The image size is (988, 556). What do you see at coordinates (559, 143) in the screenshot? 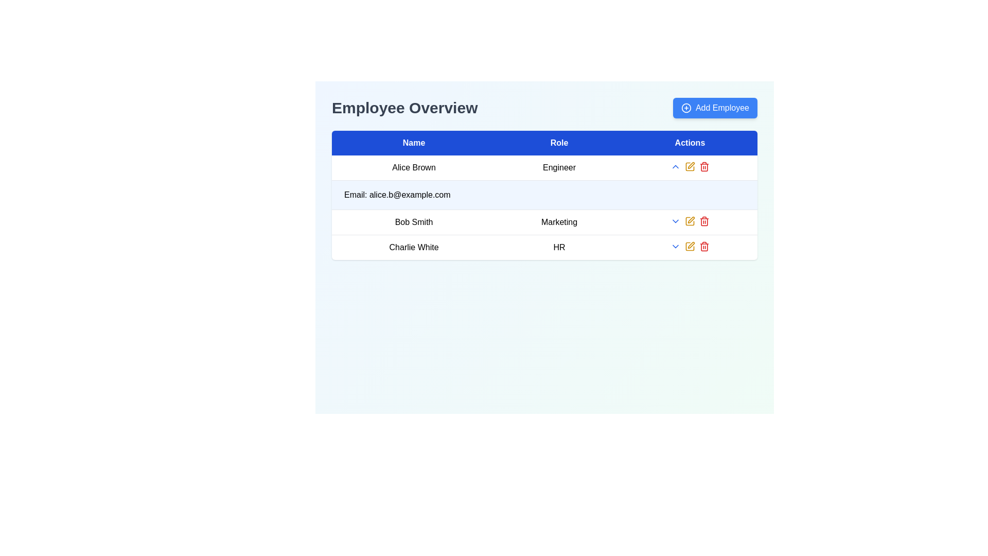
I see `the 'Role' text label, which is the second header in the table layout, displayed in white font on a blue background` at bounding box center [559, 143].